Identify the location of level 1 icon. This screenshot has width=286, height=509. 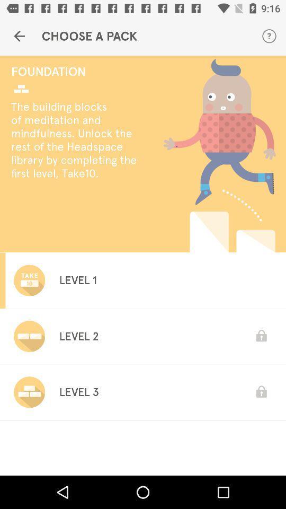
(77, 279).